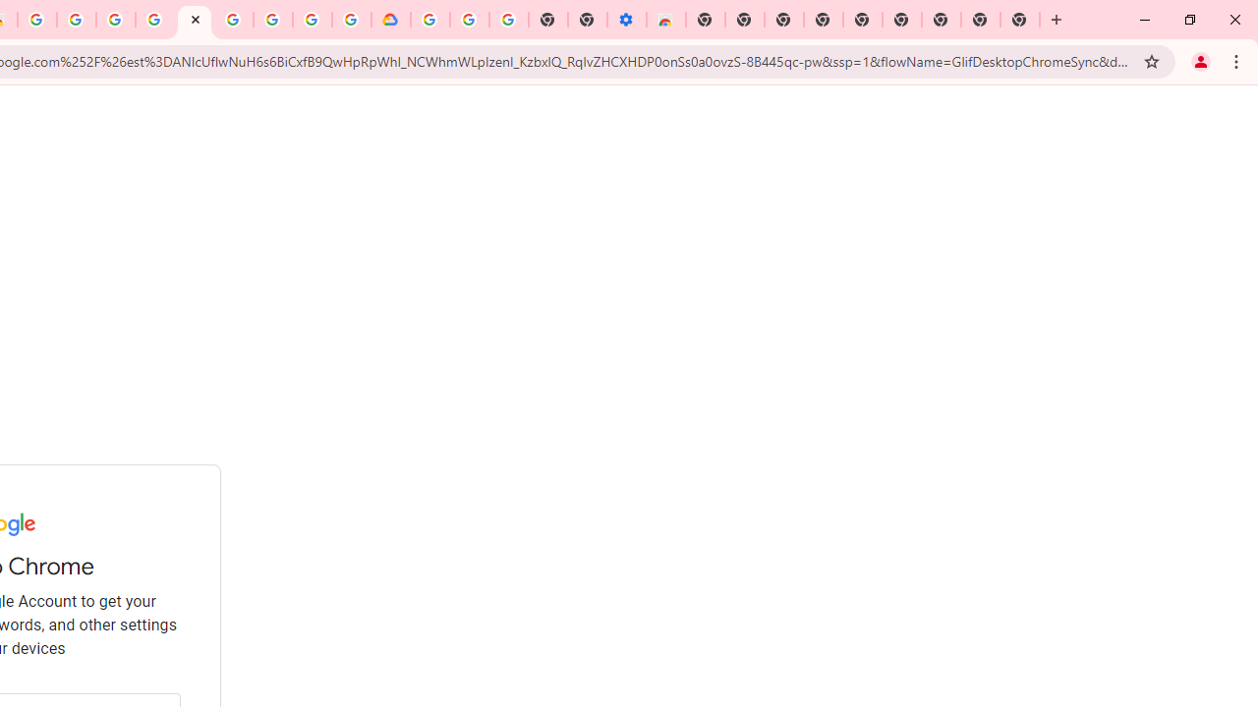 This screenshot has width=1258, height=707. What do you see at coordinates (77, 20) in the screenshot?
I see `'Create your Google Account'` at bounding box center [77, 20].